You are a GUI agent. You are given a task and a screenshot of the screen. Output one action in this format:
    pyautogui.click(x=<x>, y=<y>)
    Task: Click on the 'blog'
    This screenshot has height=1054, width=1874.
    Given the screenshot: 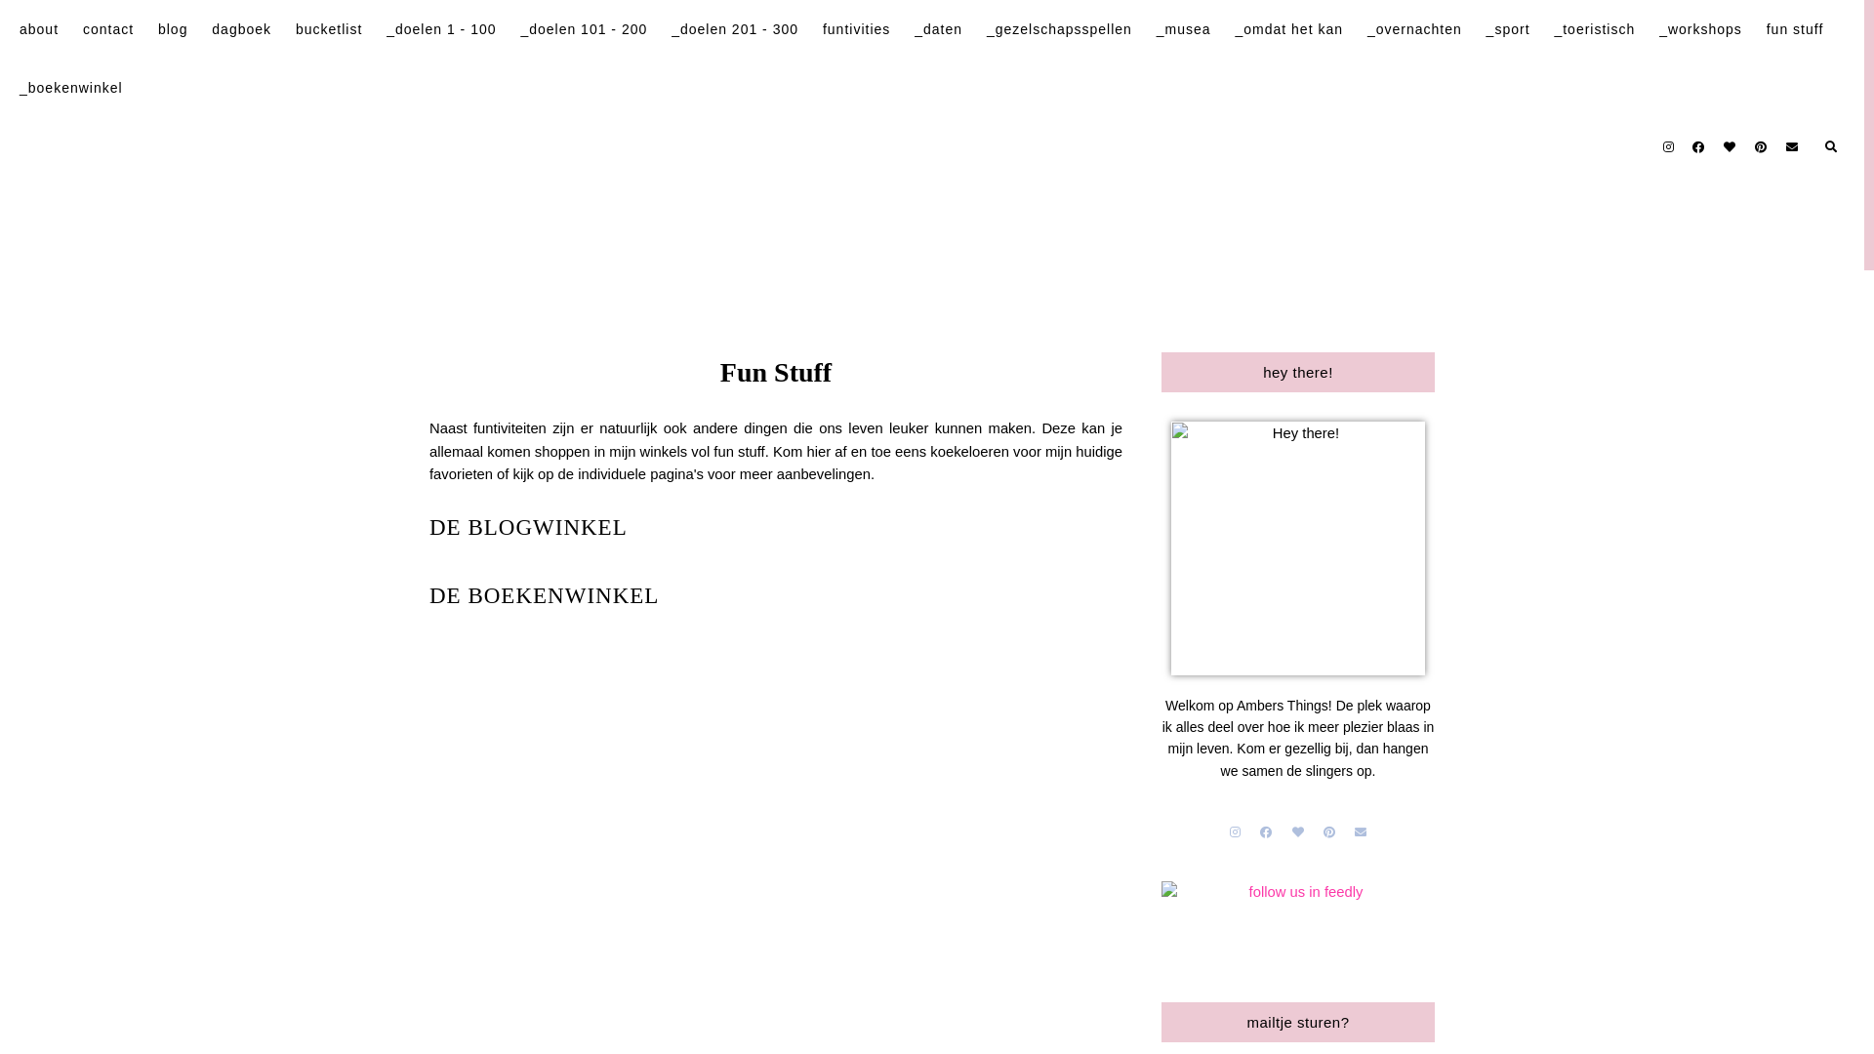 What is the action you would take?
    pyautogui.click(x=173, y=29)
    